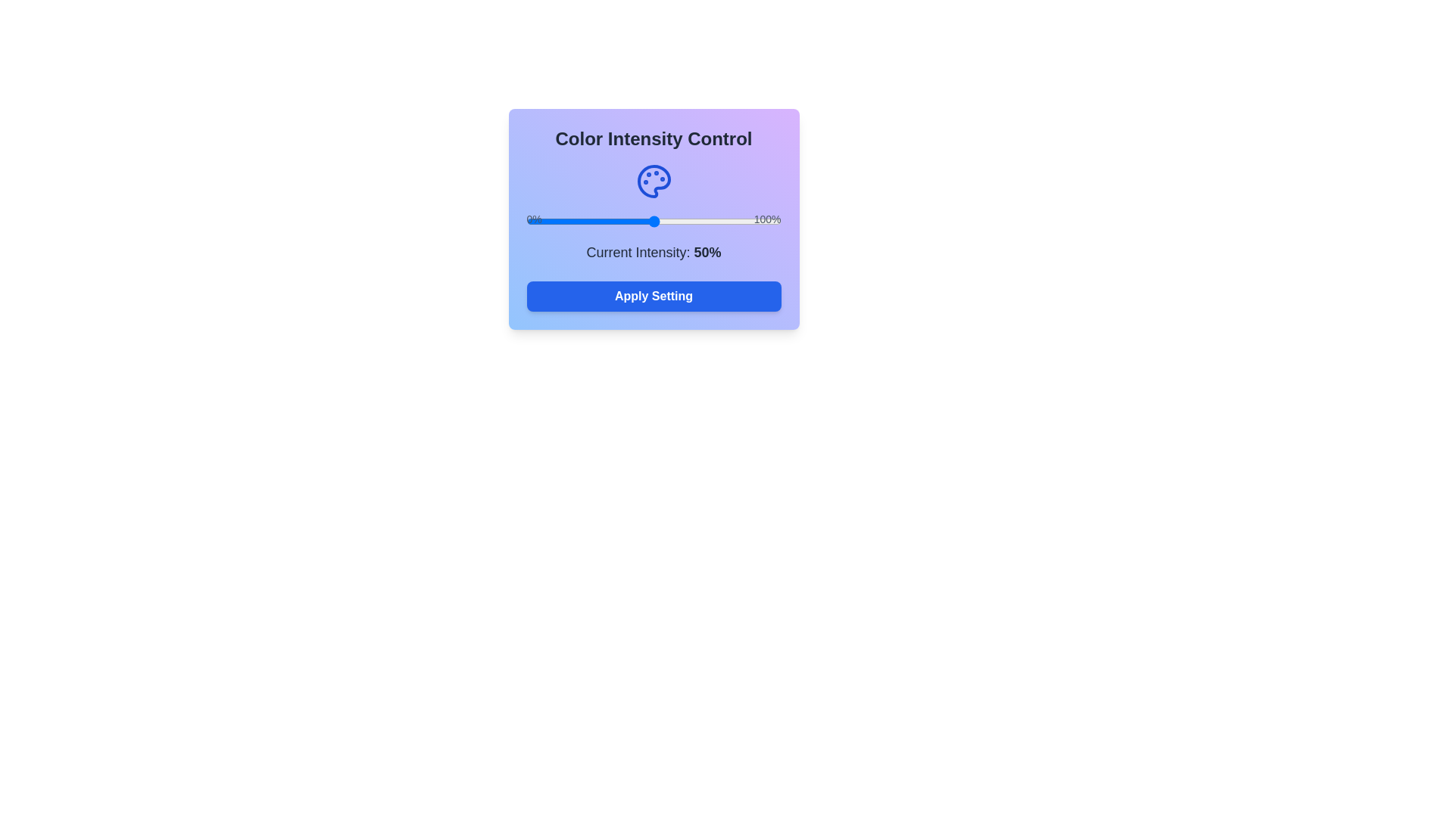 This screenshot has height=817, width=1454. Describe the element at coordinates (551, 222) in the screenshot. I see `the slider to set the color intensity to 10%` at that location.